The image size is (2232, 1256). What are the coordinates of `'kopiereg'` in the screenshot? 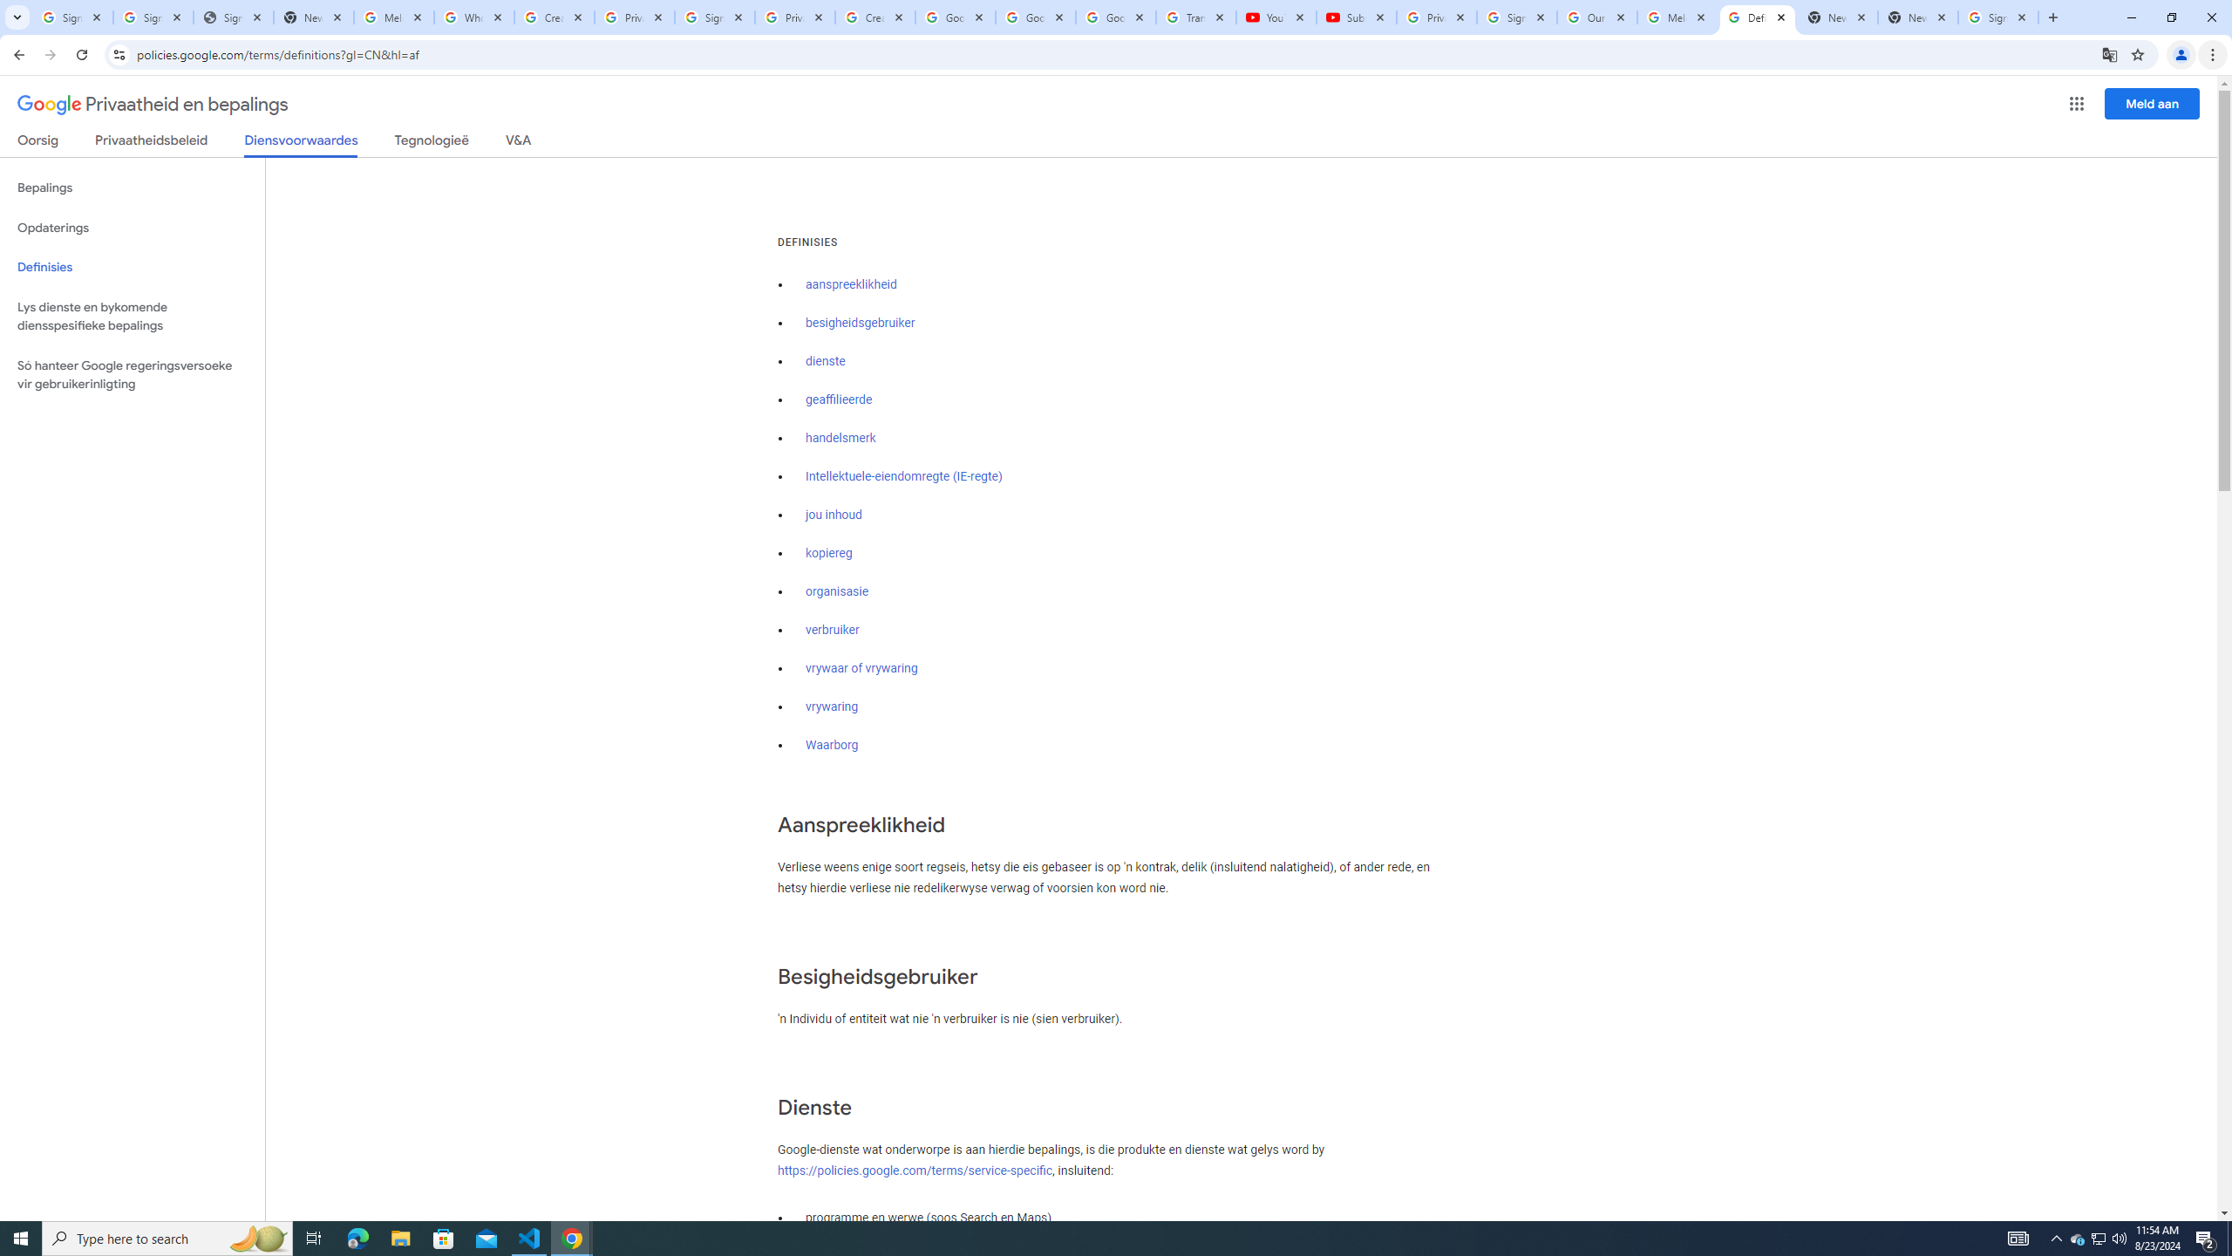 It's located at (828, 554).